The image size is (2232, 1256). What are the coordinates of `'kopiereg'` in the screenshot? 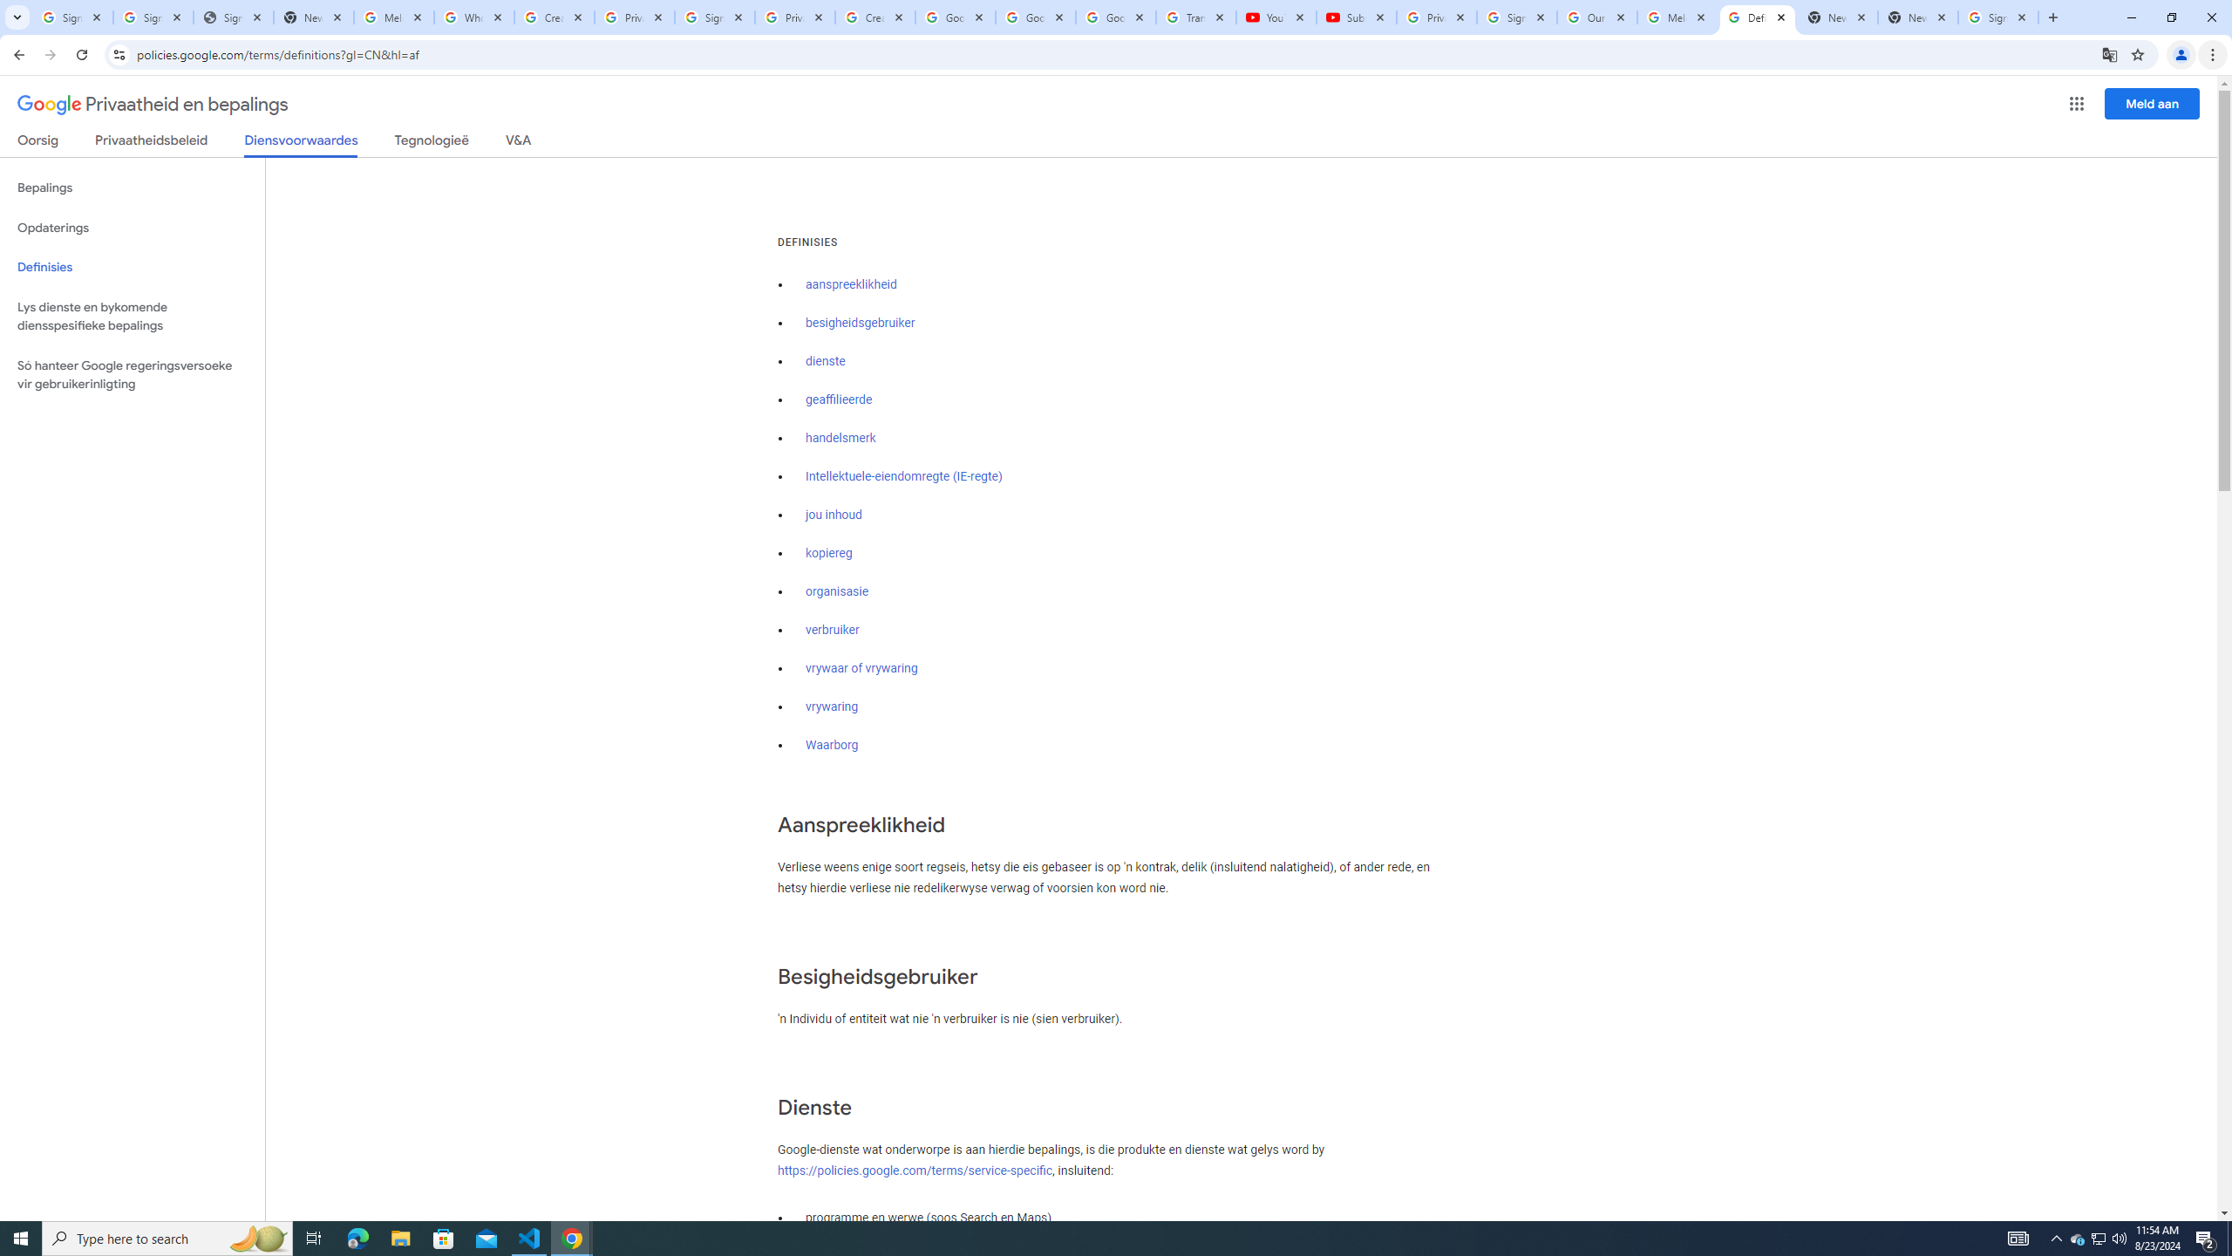 It's located at (828, 554).